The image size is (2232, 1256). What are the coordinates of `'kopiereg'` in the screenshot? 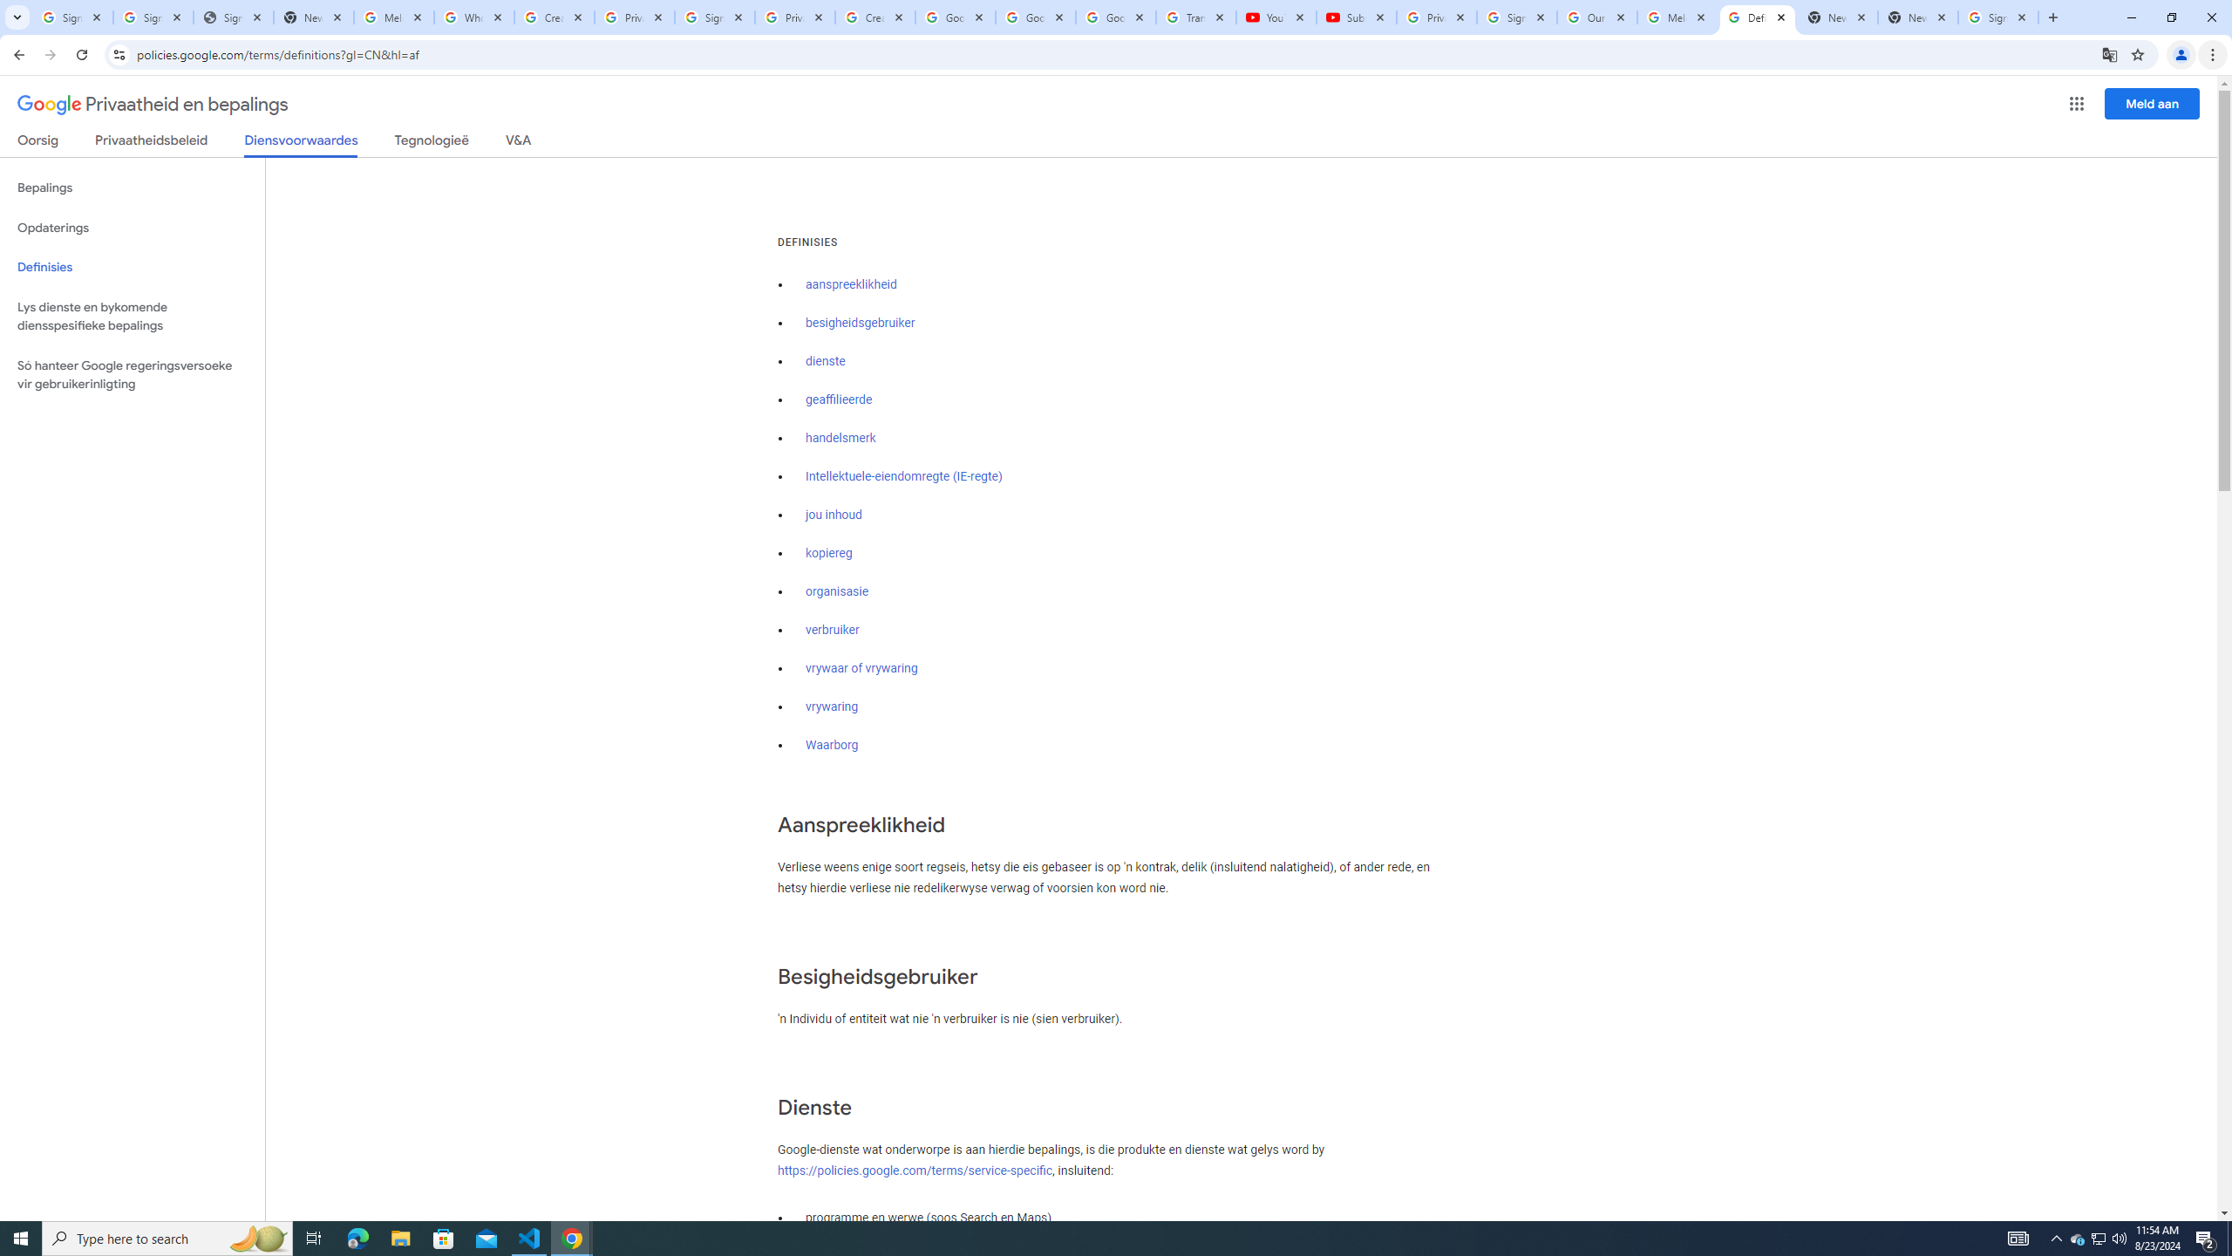 It's located at (828, 554).